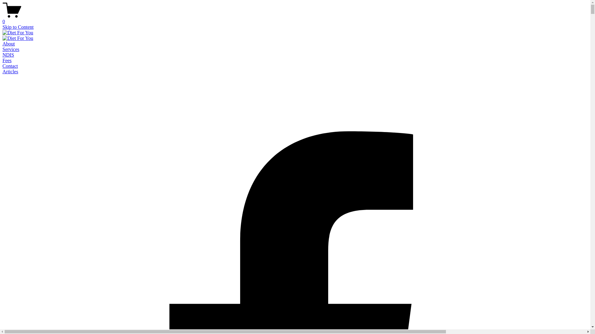 This screenshot has width=595, height=334. Describe the element at coordinates (7, 60) in the screenshot. I see `'Fees'` at that location.